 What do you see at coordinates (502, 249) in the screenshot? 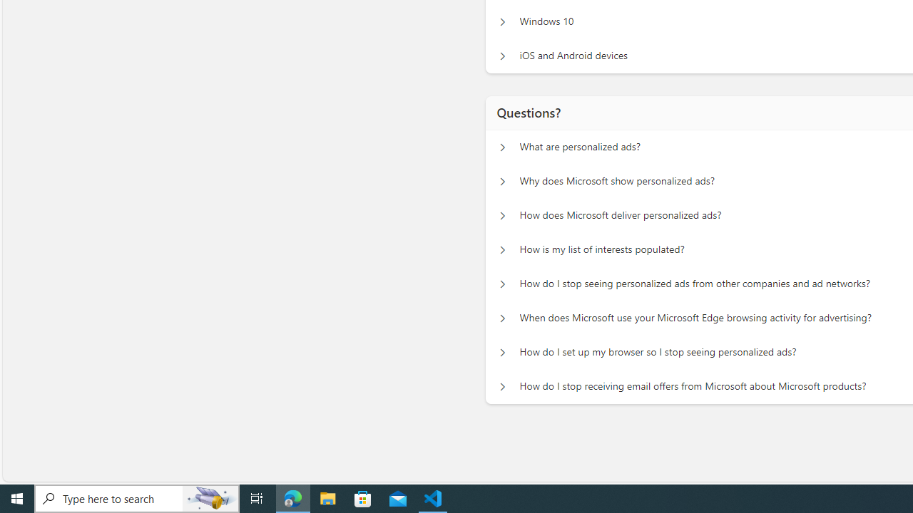
I see `'Questions? How is my list of interests populated?'` at bounding box center [502, 249].